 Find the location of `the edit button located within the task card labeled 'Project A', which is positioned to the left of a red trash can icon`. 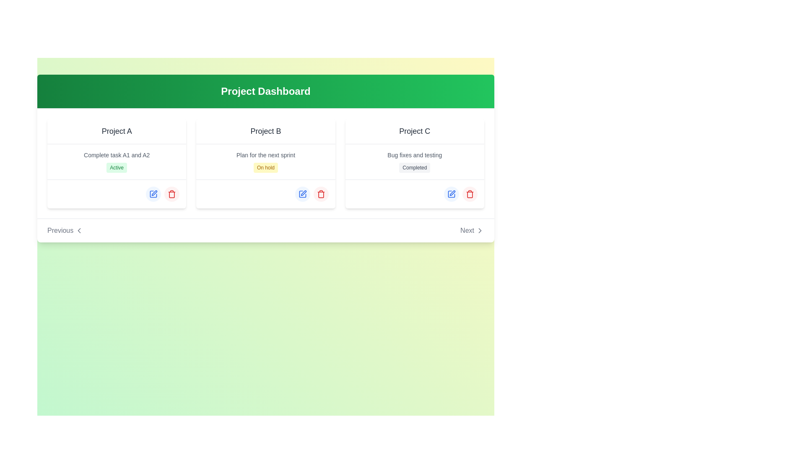

the edit button located within the task card labeled 'Project A', which is positioned to the left of a red trash can icon is located at coordinates (154, 193).